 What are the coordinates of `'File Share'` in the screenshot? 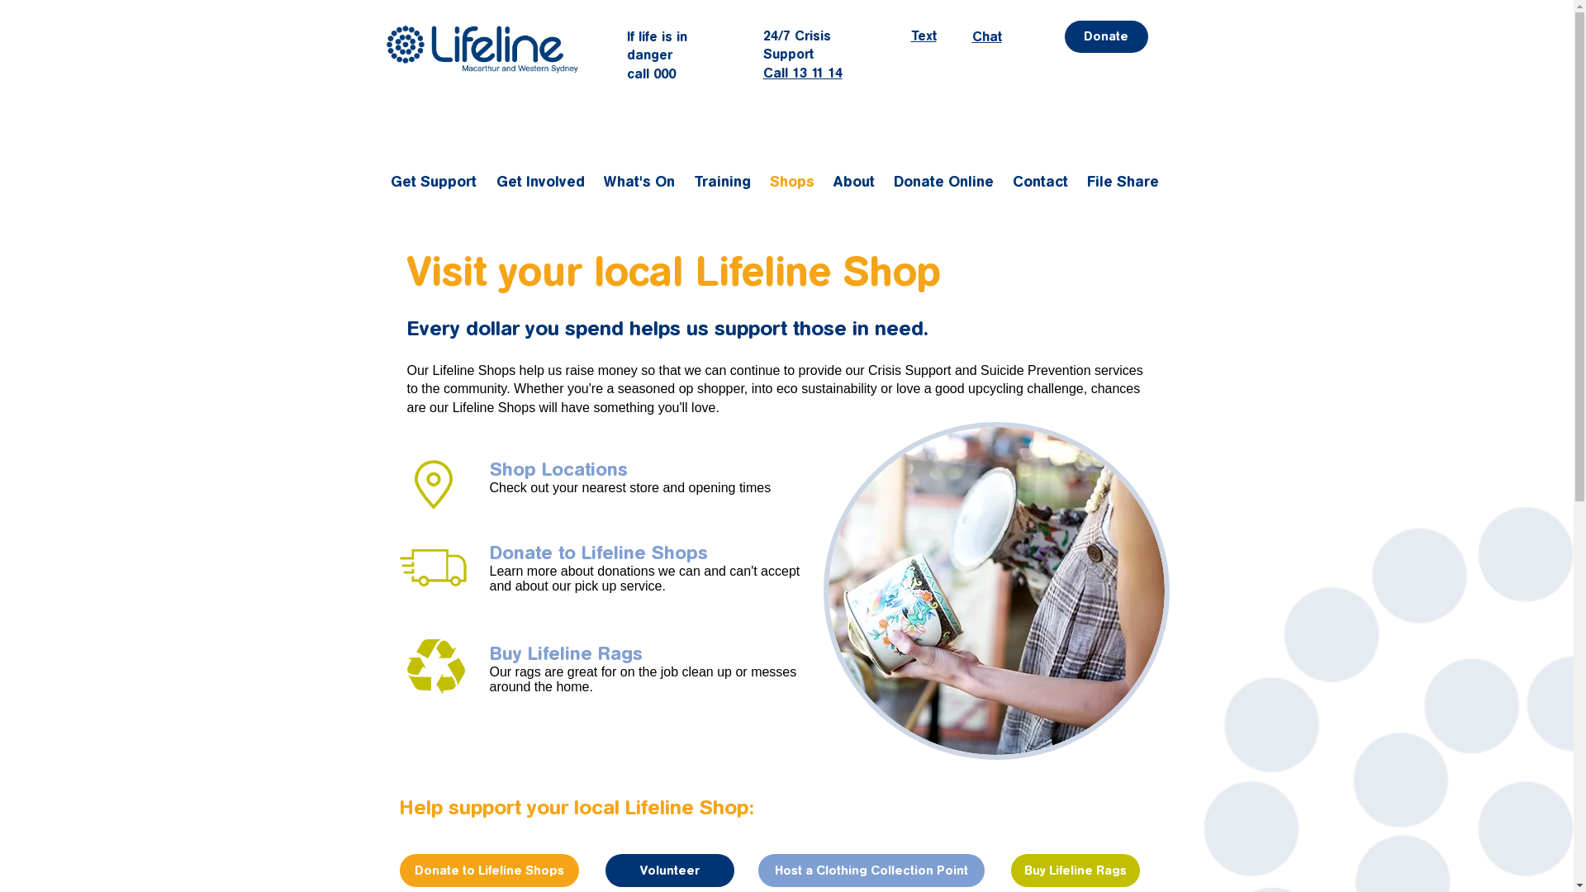 It's located at (1123, 181).